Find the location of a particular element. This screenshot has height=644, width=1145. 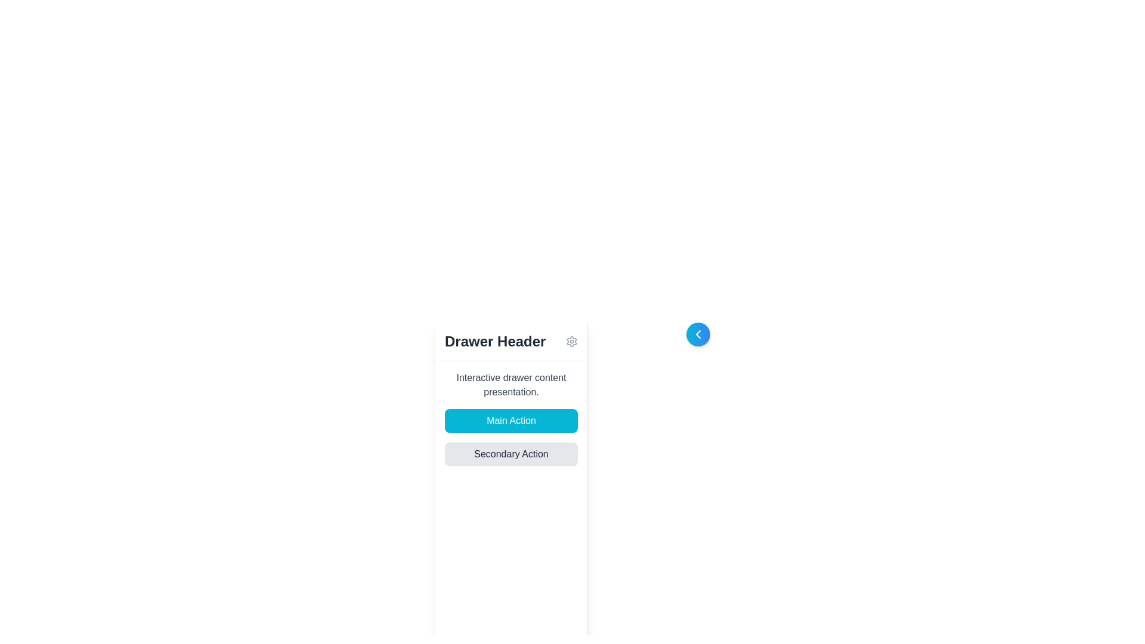

the gear icon located on the right side of the 'Drawer Header' is located at coordinates (571, 342).